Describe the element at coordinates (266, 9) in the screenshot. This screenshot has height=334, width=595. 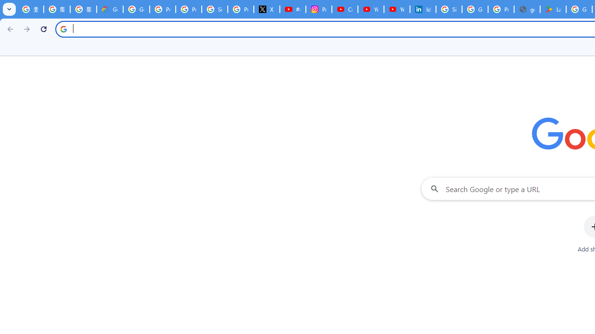
I see `'X'` at that location.